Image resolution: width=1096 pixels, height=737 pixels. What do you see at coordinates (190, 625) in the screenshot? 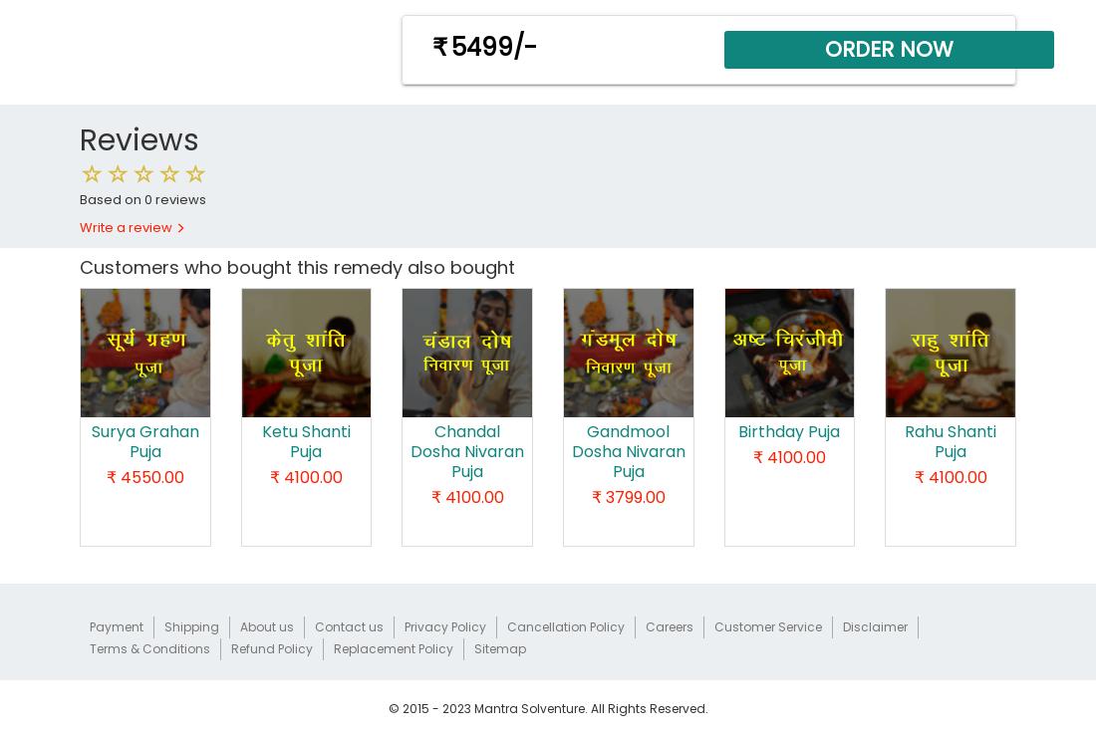
I see `'Shipping'` at bounding box center [190, 625].